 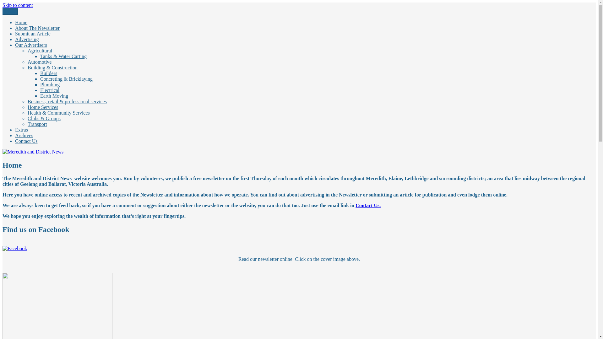 What do you see at coordinates (21, 22) in the screenshot?
I see `'Home'` at bounding box center [21, 22].